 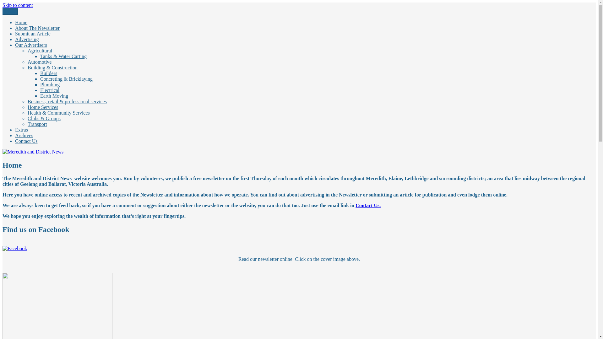 What do you see at coordinates (21, 22) in the screenshot?
I see `'Home'` at bounding box center [21, 22].